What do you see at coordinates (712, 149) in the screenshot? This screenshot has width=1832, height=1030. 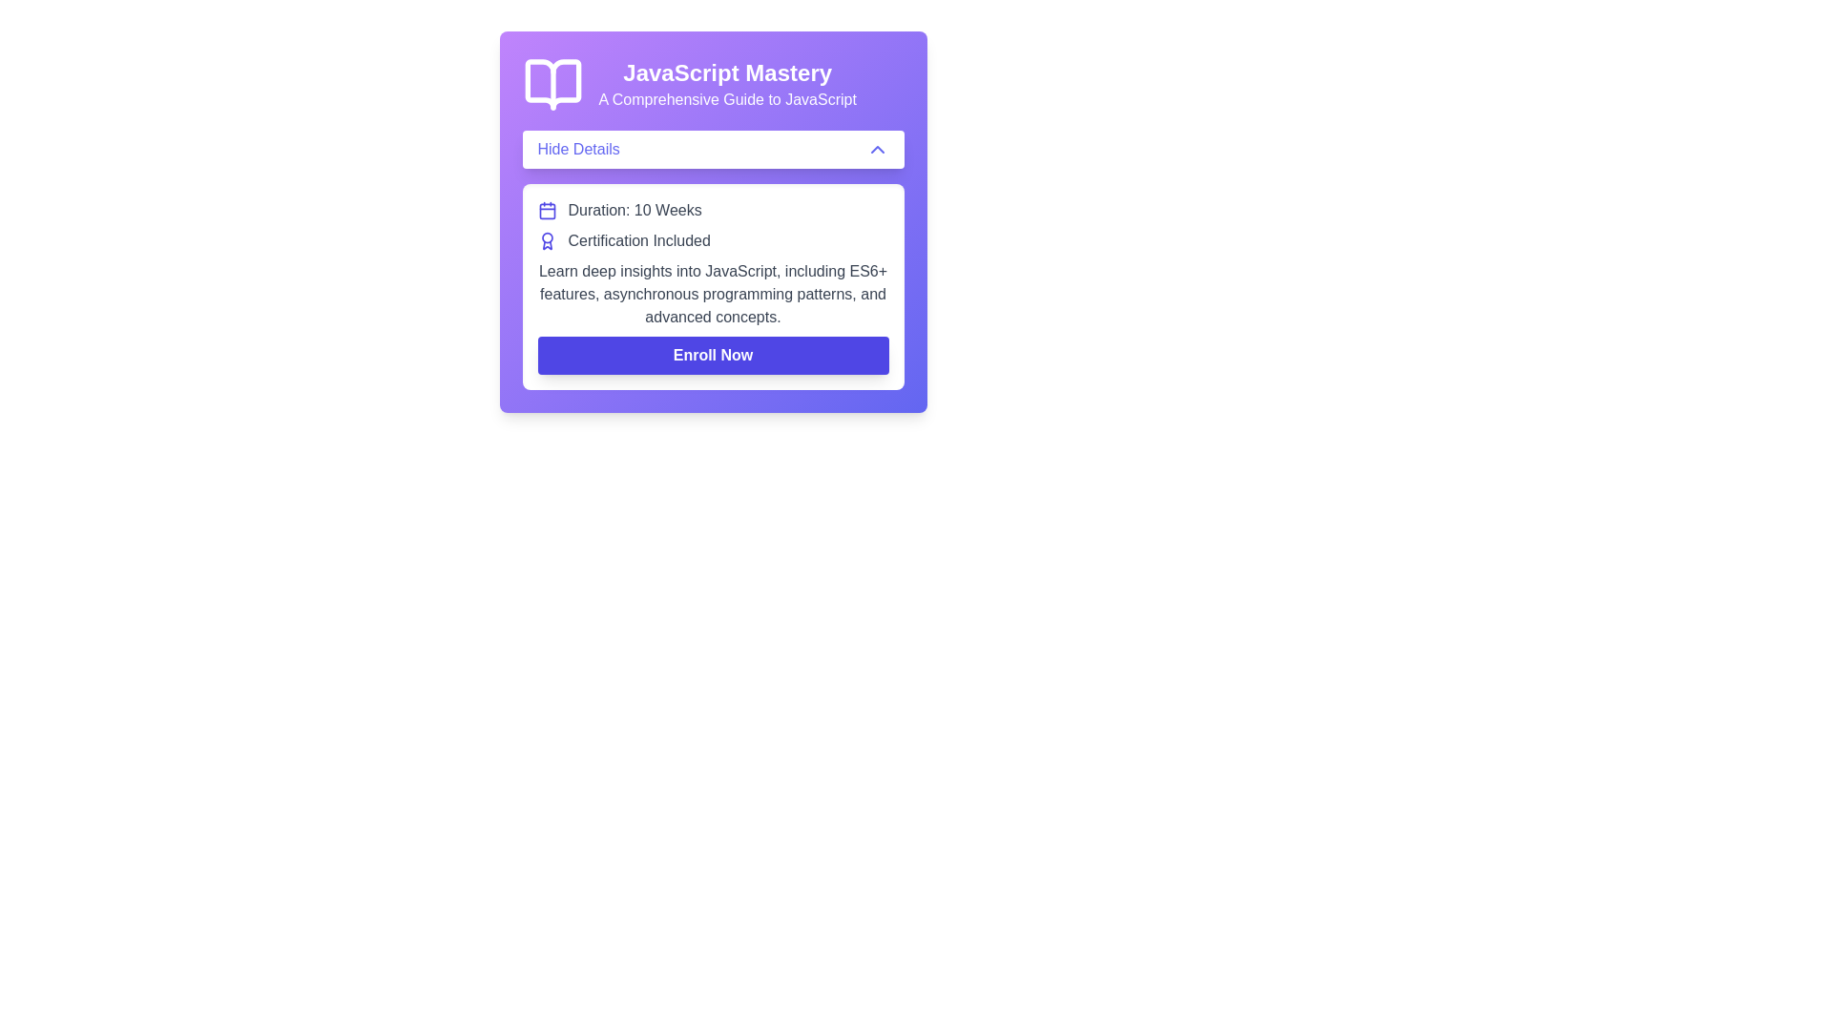 I see `the 'Hide Details' button with a white background and rounded corners located in the 'JavaScript Mastery' card` at bounding box center [712, 149].